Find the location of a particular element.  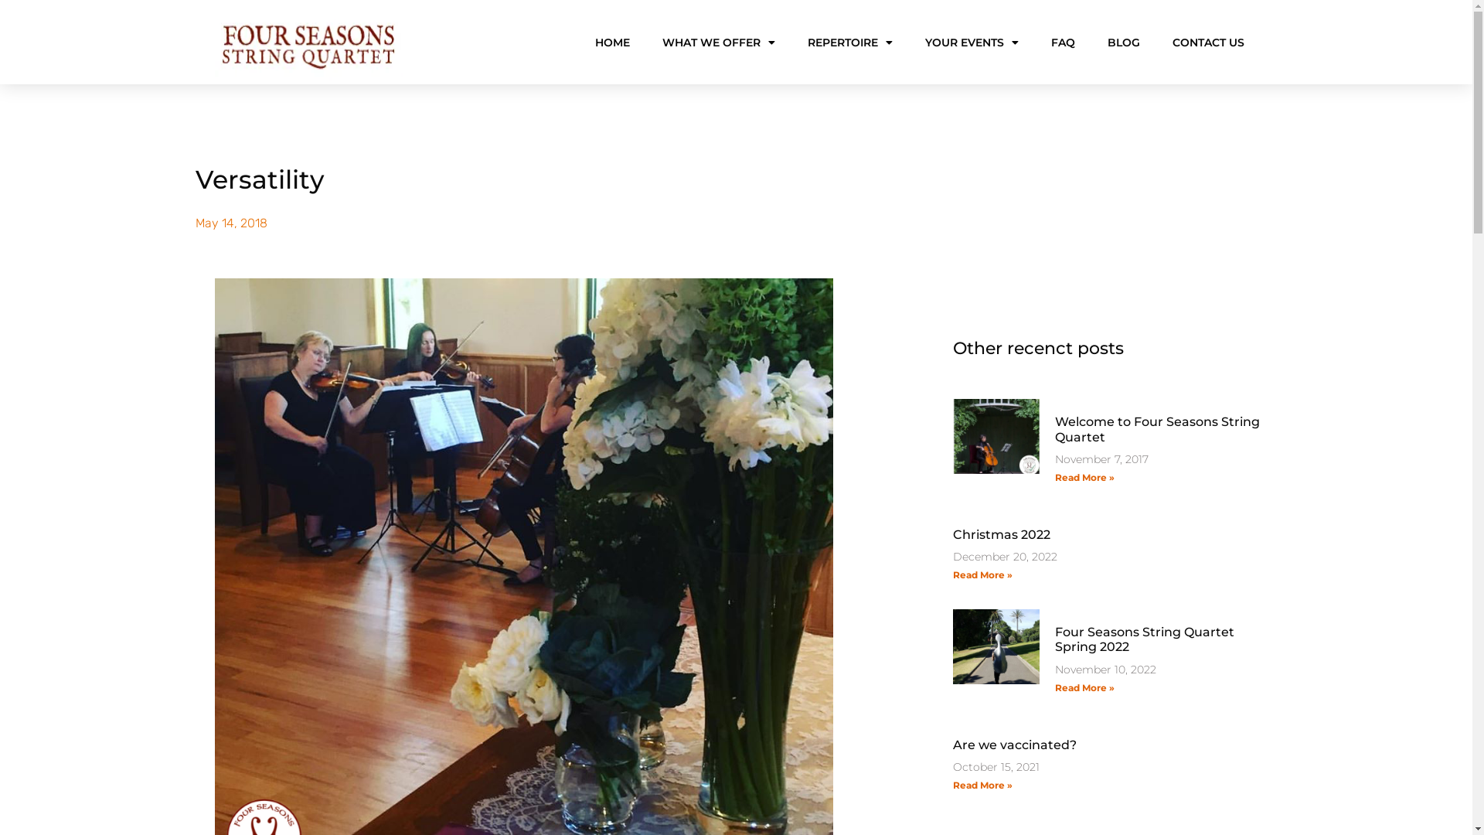

'FAQ' is located at coordinates (1062, 41).